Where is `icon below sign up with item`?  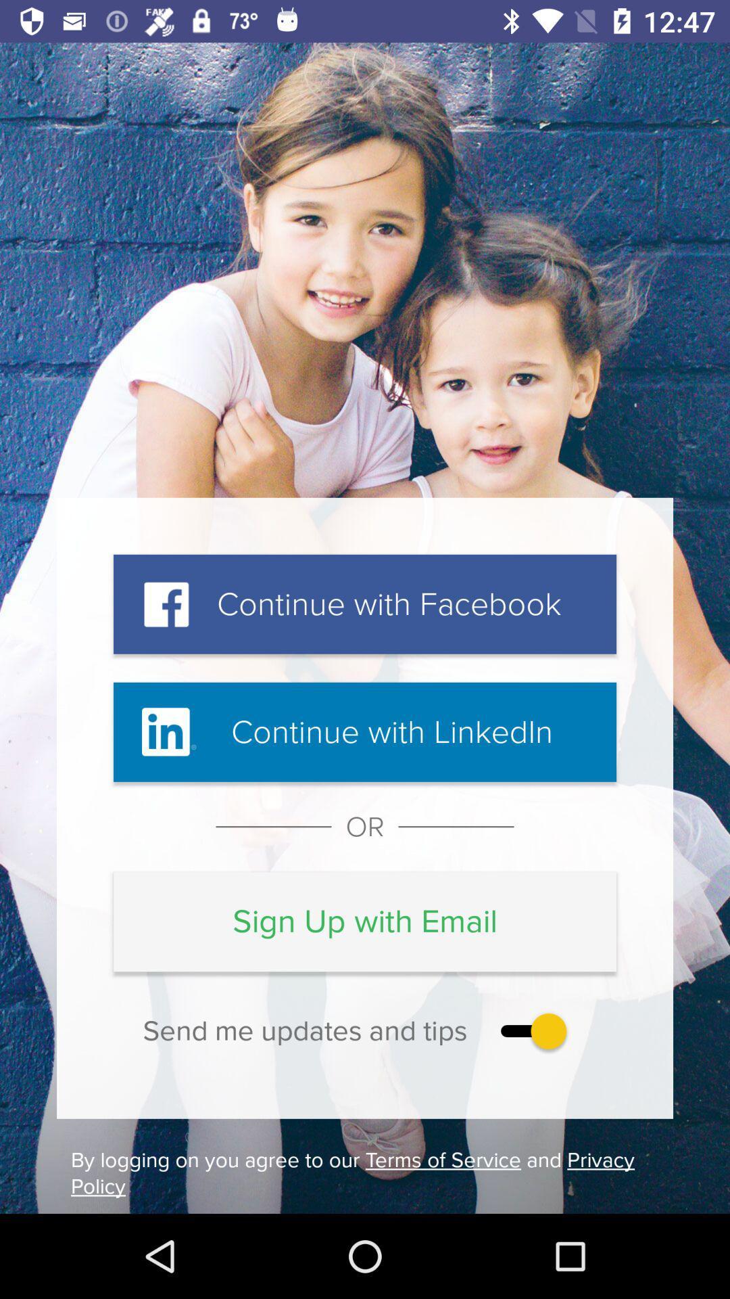
icon below sign up with item is located at coordinates (530, 1030).